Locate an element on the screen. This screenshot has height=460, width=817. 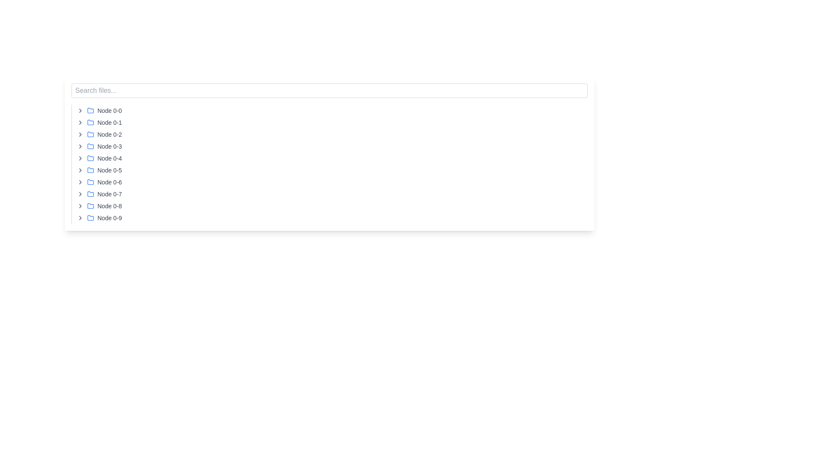
the blue folder icon labeled 'Node 0-7' is located at coordinates (90, 194).